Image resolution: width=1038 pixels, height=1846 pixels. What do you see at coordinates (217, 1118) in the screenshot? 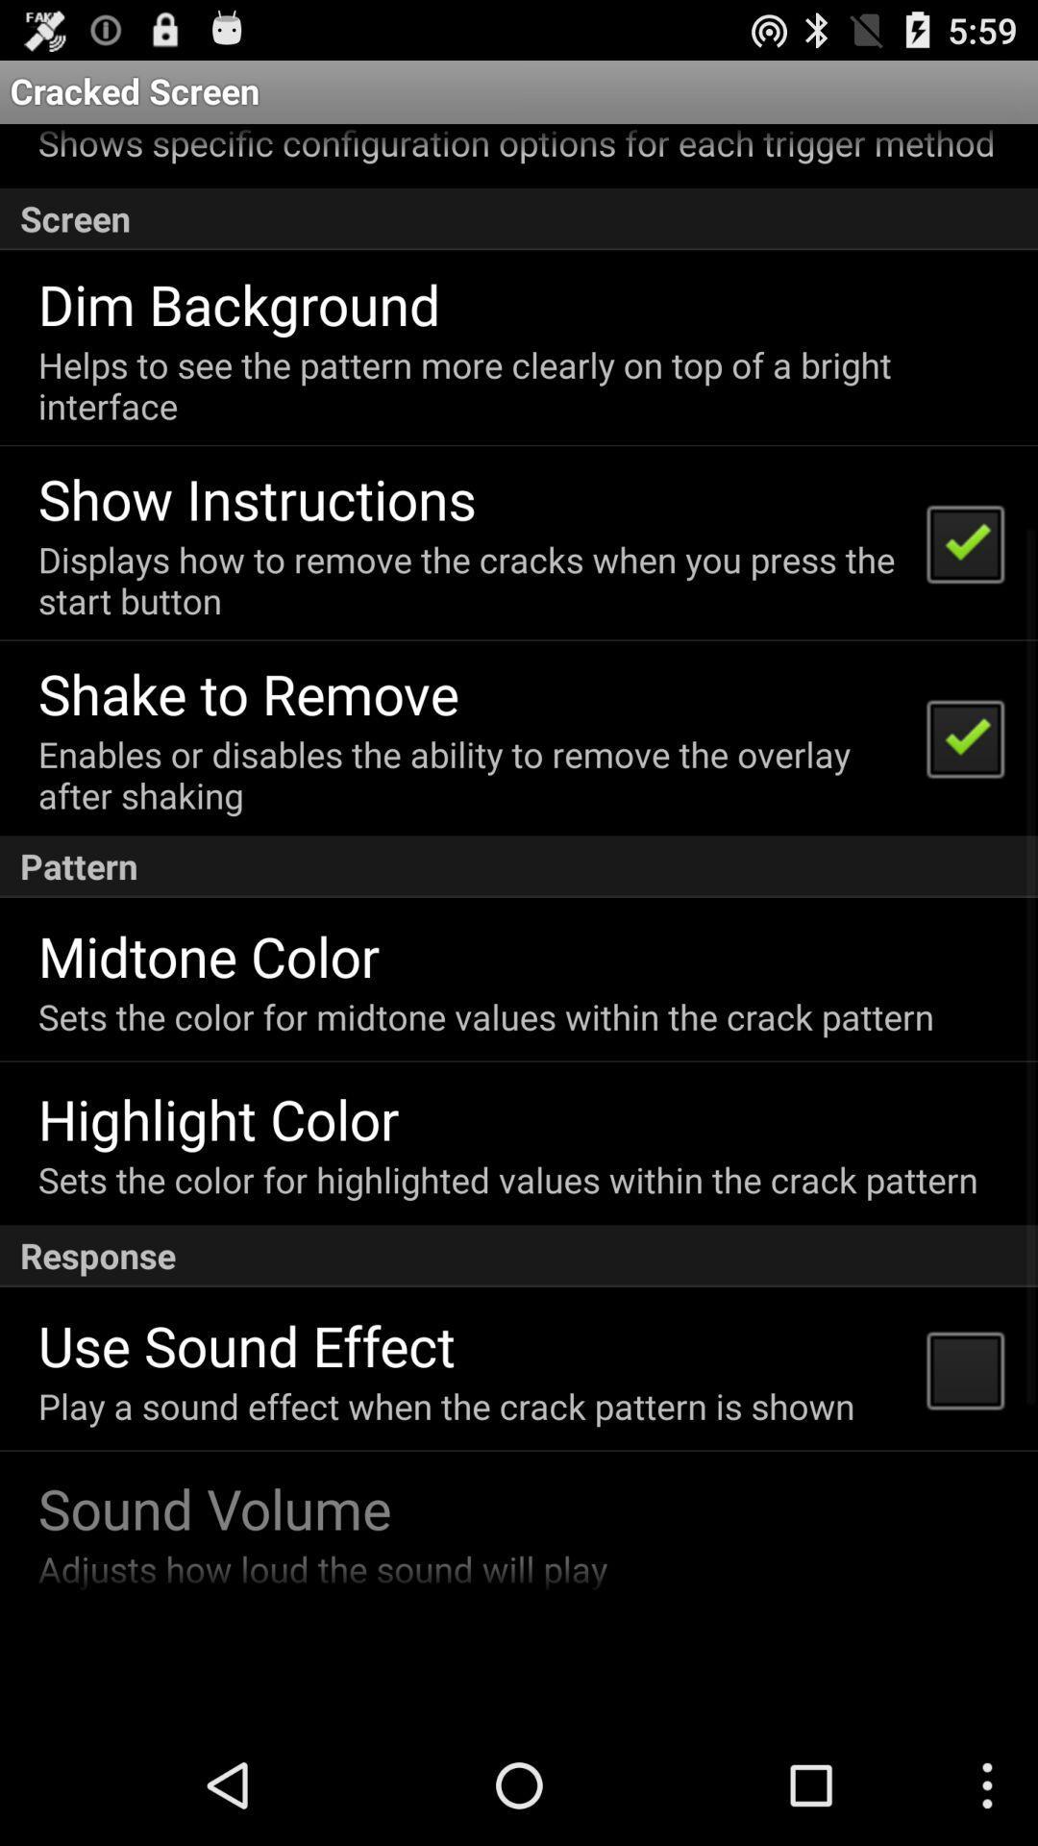
I see `the icon below the sets the color` at bounding box center [217, 1118].